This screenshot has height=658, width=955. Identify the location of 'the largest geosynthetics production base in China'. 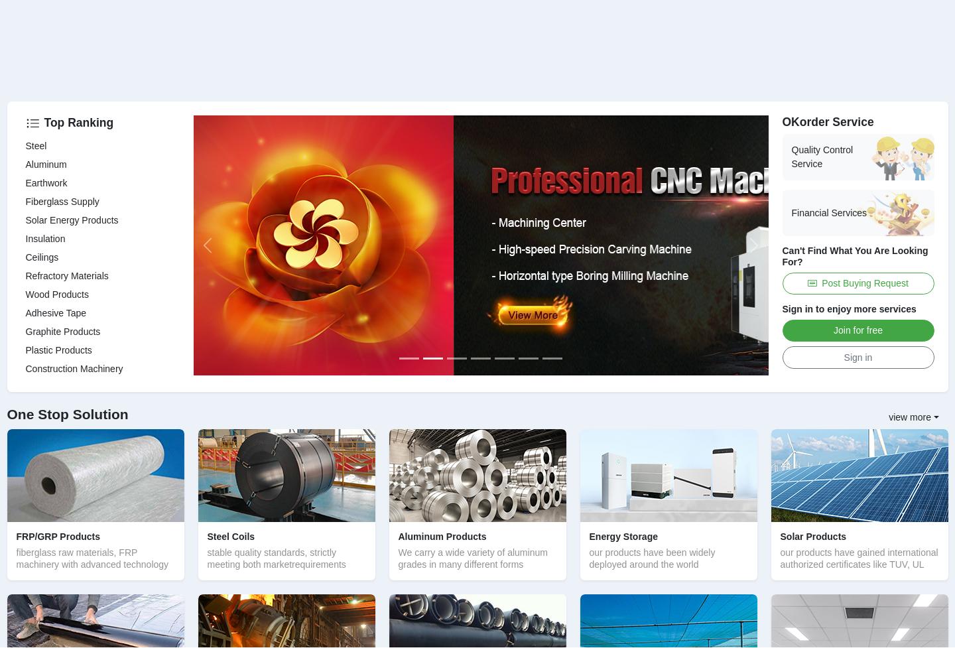
(89, 75).